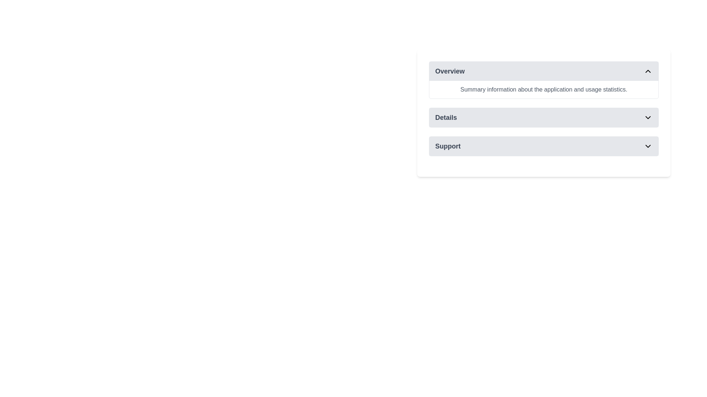 The width and height of the screenshot is (707, 397). Describe the element at coordinates (544, 113) in the screenshot. I see `the 'Details' Collapsible Section Header` at that location.